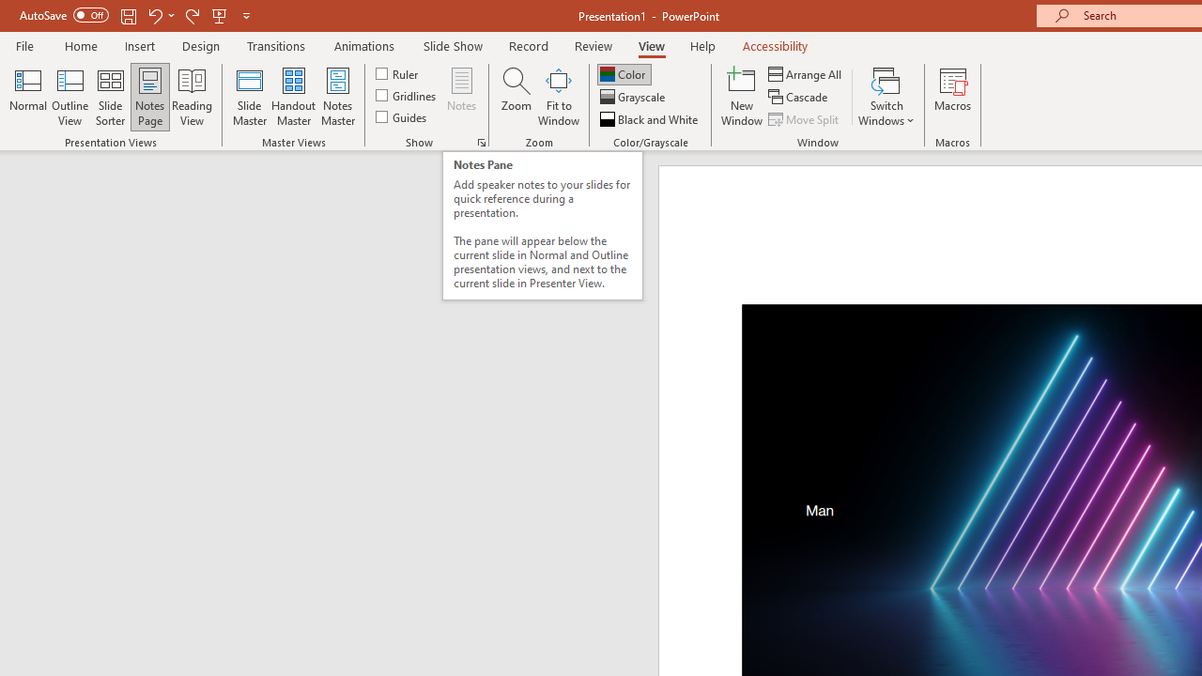  Describe the element at coordinates (401, 116) in the screenshot. I see `'Guides'` at that location.